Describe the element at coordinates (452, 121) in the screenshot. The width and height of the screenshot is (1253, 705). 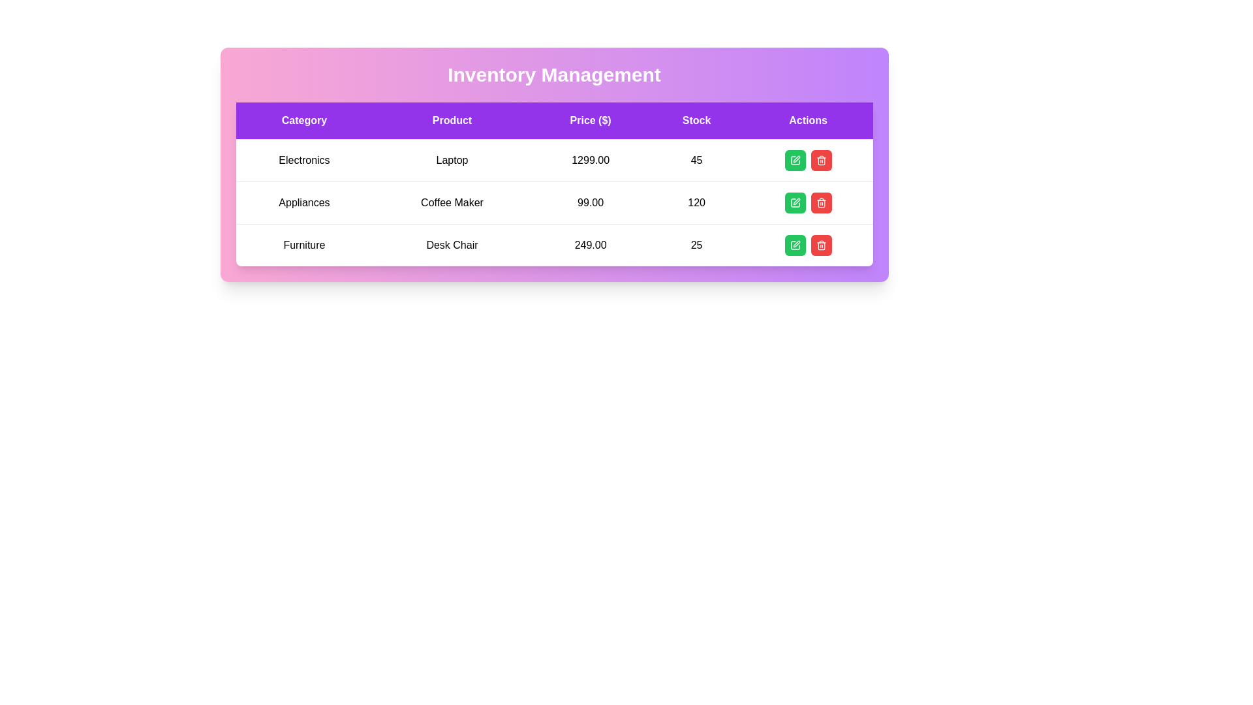
I see `the 'Product' text label, which is the second column header in a table with a purple background and white text, positioned between 'Category' and 'Price ($)'` at that location.